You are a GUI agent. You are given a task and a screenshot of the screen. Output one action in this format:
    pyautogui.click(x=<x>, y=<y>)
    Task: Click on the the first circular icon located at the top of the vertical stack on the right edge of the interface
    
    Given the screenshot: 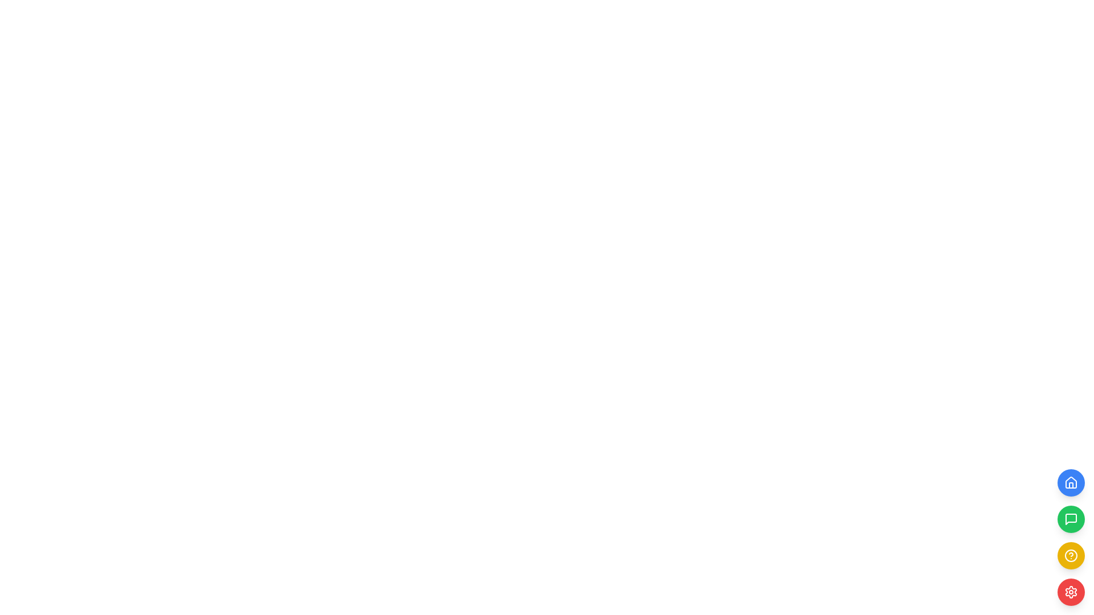 What is the action you would take?
    pyautogui.click(x=1071, y=482)
    